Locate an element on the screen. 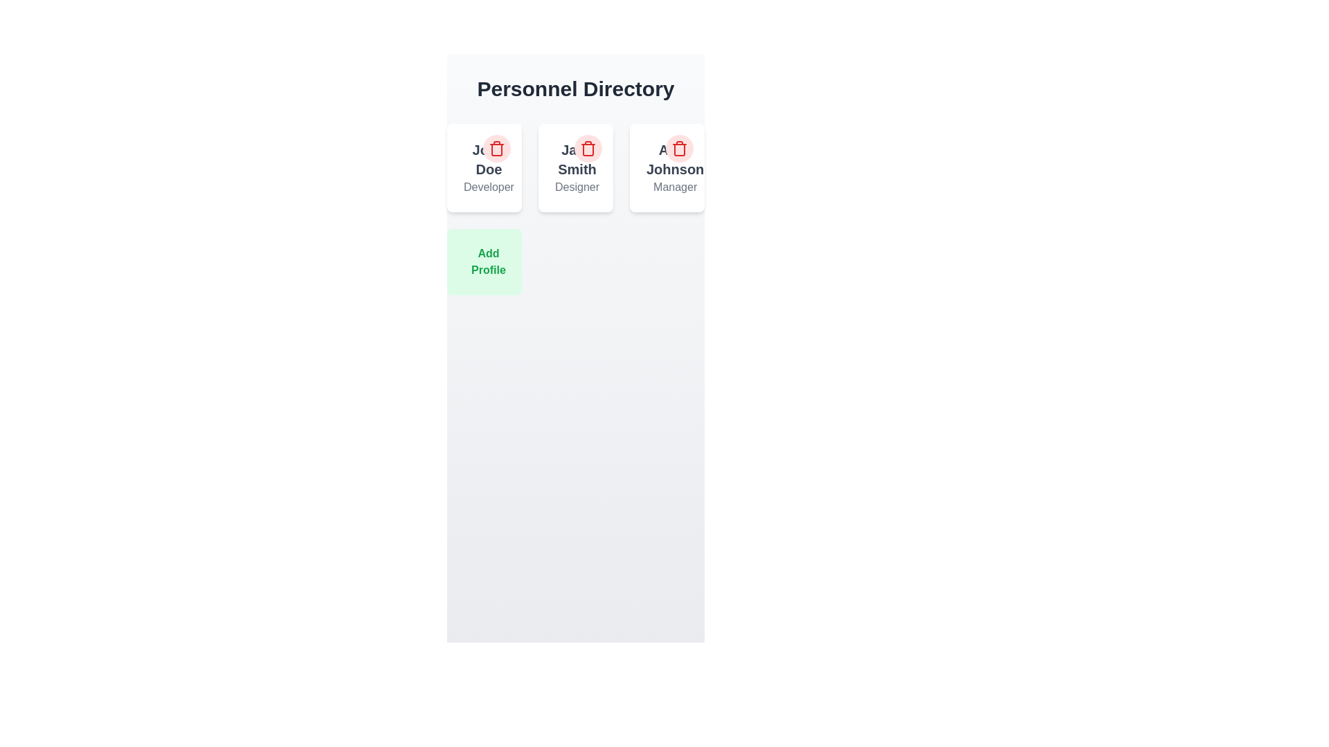 Image resolution: width=1329 pixels, height=747 pixels. the text element displaying 'John Doe' in the personnel directory card, which is the first card from the left and features a bold font above the title 'Developer' is located at coordinates (485, 167).